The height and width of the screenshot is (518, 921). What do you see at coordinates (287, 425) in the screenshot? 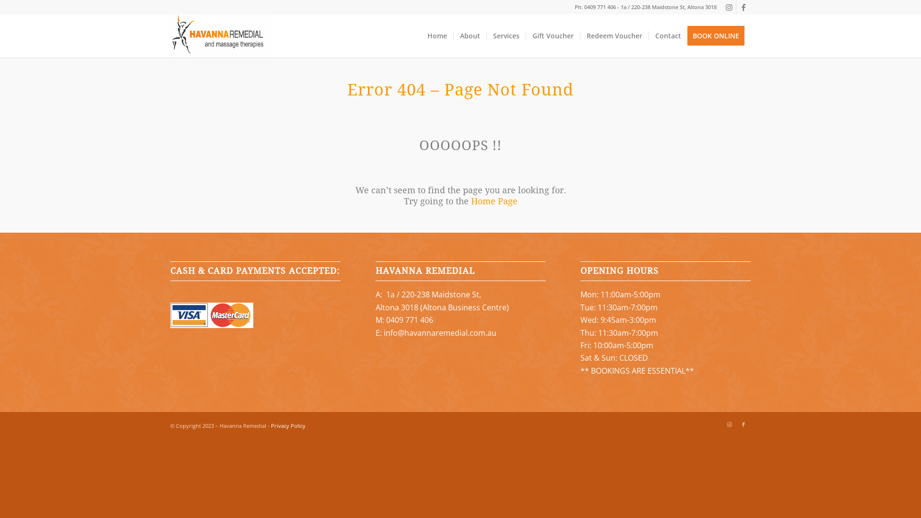
I see `'Privacy Policy'` at bounding box center [287, 425].